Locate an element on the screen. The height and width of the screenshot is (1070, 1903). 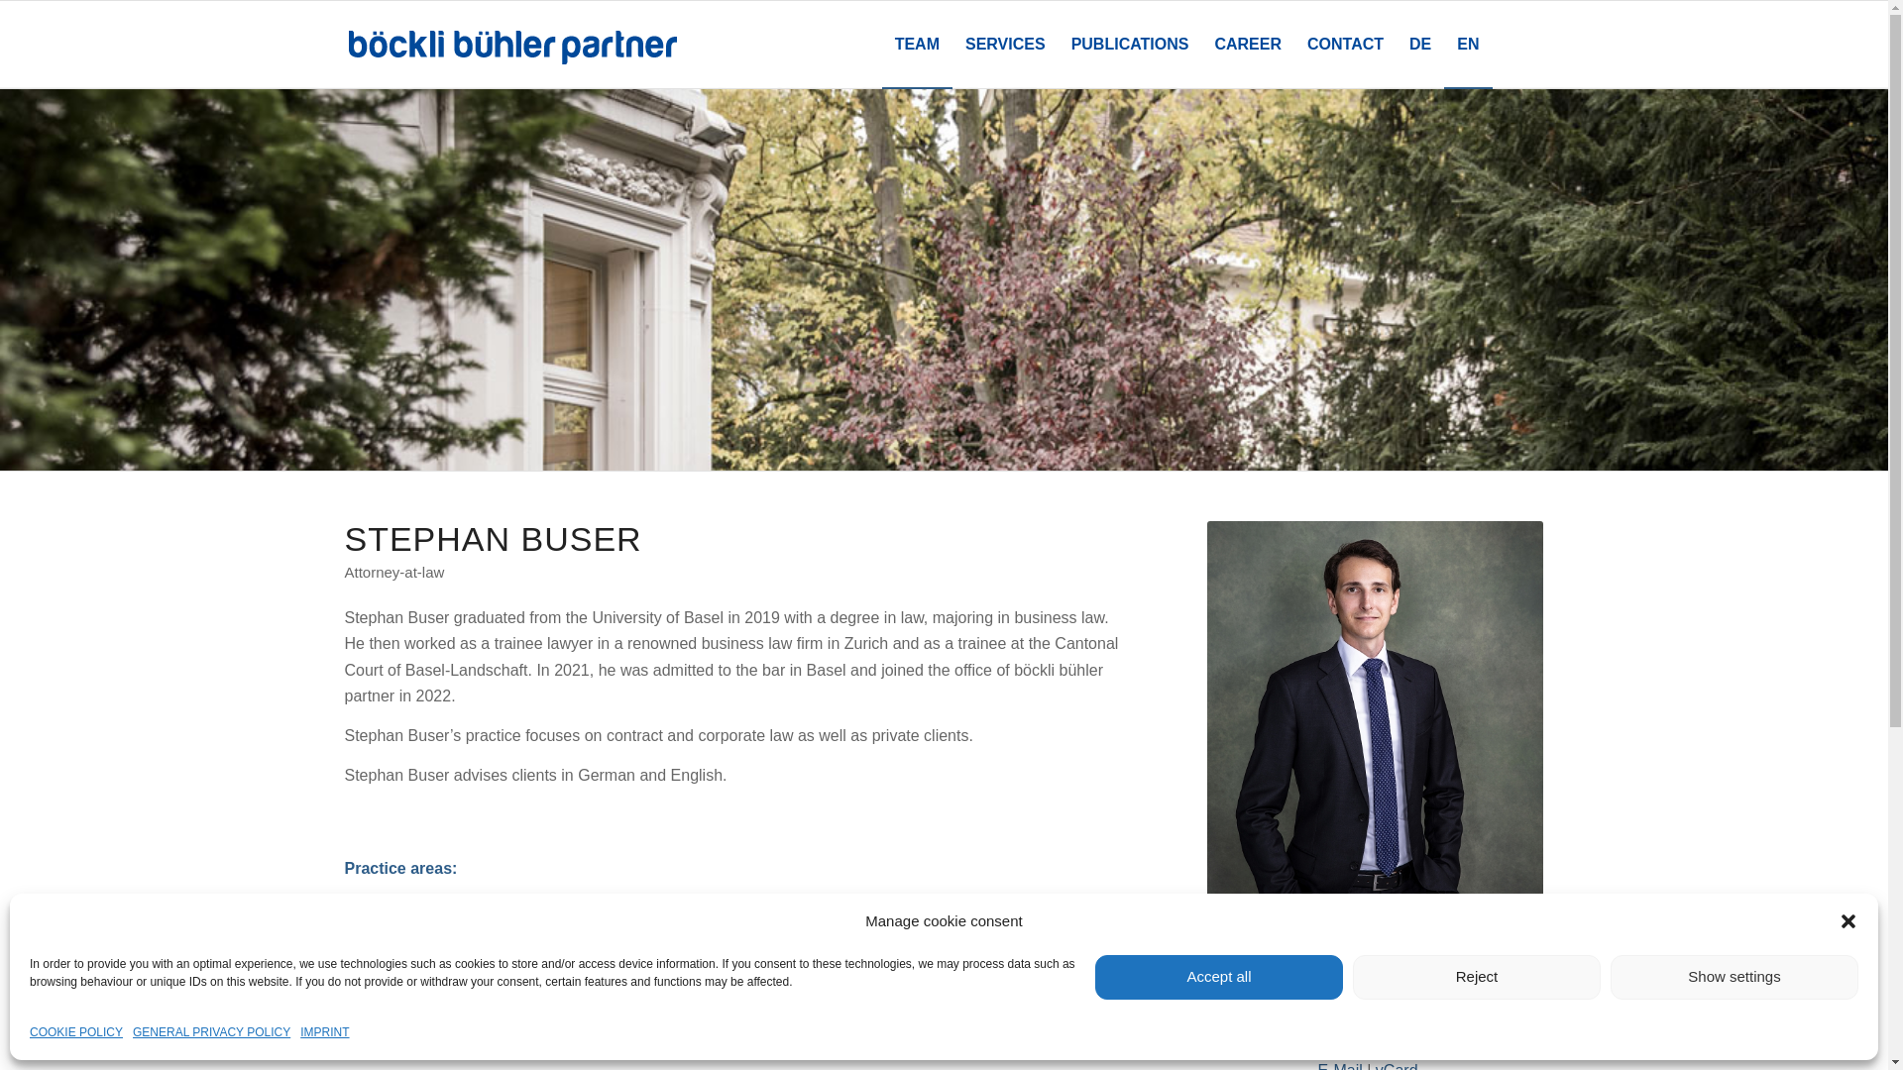
'DE' is located at coordinates (1419, 45).